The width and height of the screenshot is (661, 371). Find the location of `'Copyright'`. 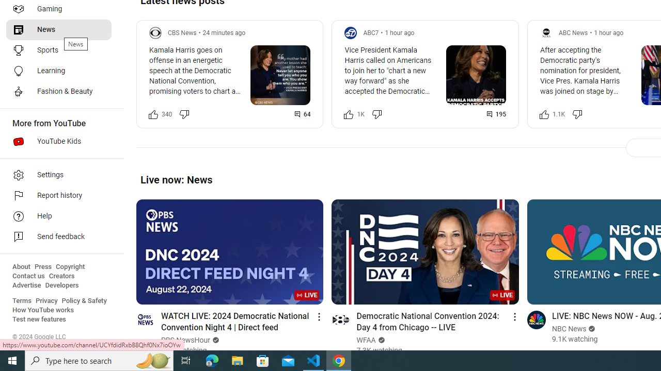

'Copyright' is located at coordinates (70, 266).